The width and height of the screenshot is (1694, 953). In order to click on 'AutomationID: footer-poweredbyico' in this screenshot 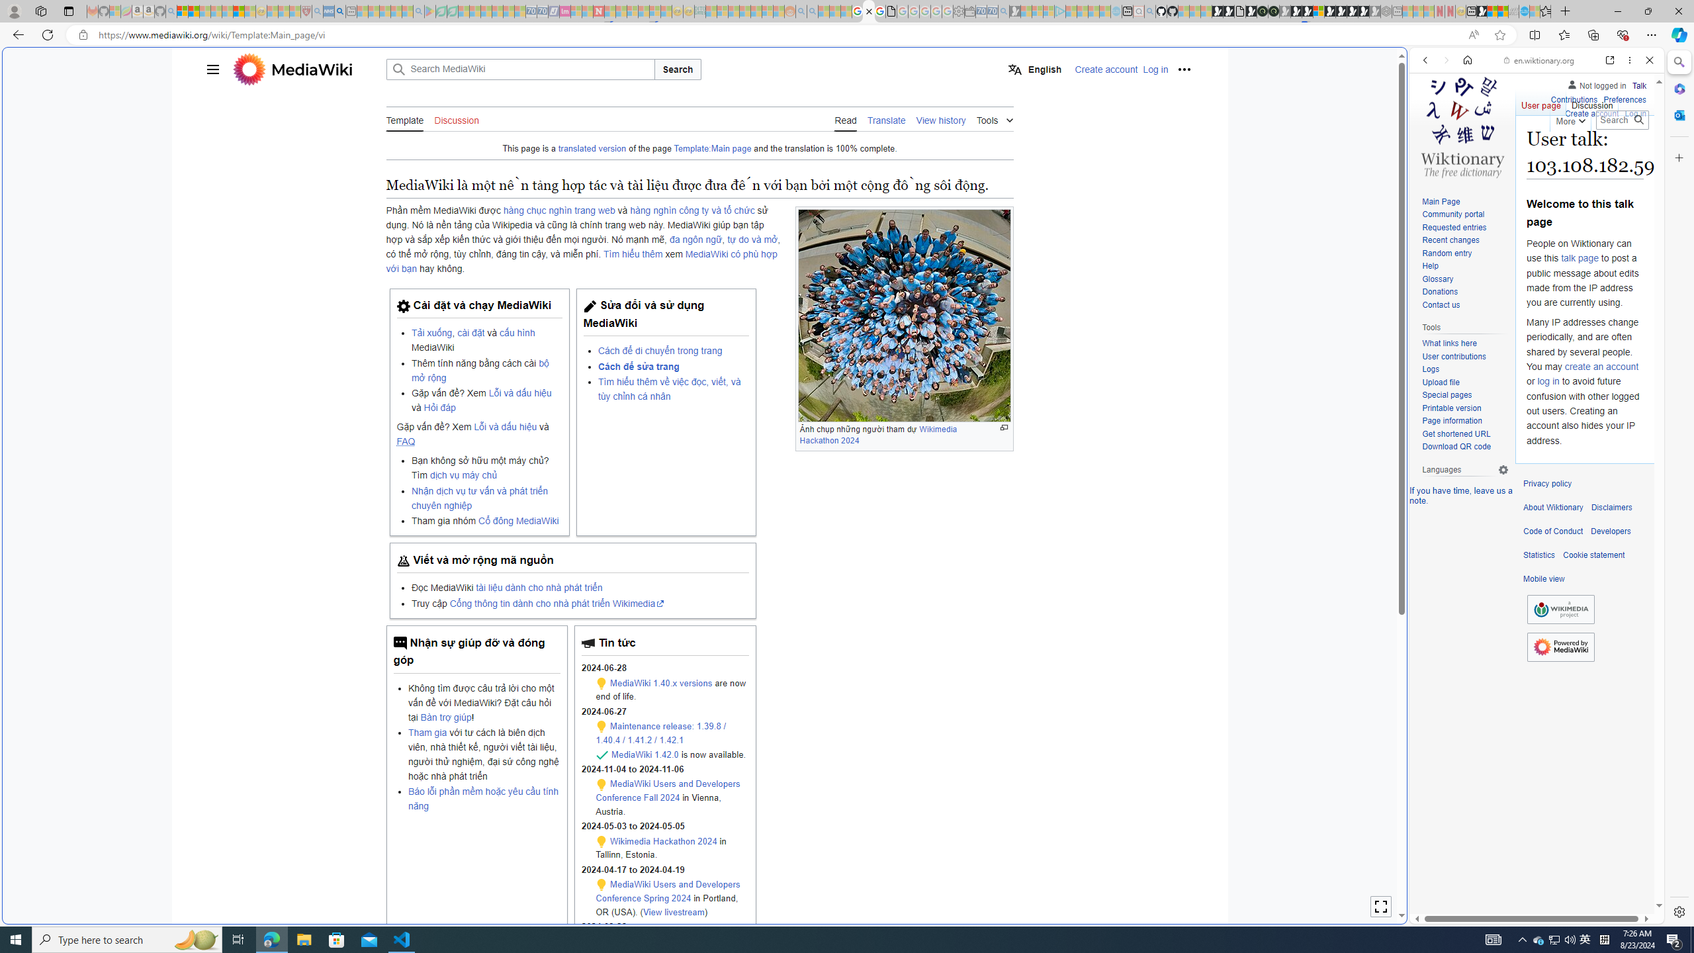, I will do `click(1561, 646)`.